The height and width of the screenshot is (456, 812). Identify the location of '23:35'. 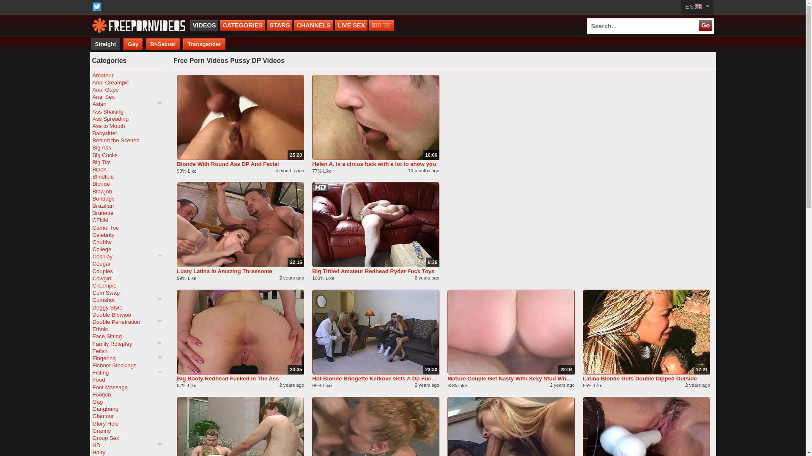
(240, 331).